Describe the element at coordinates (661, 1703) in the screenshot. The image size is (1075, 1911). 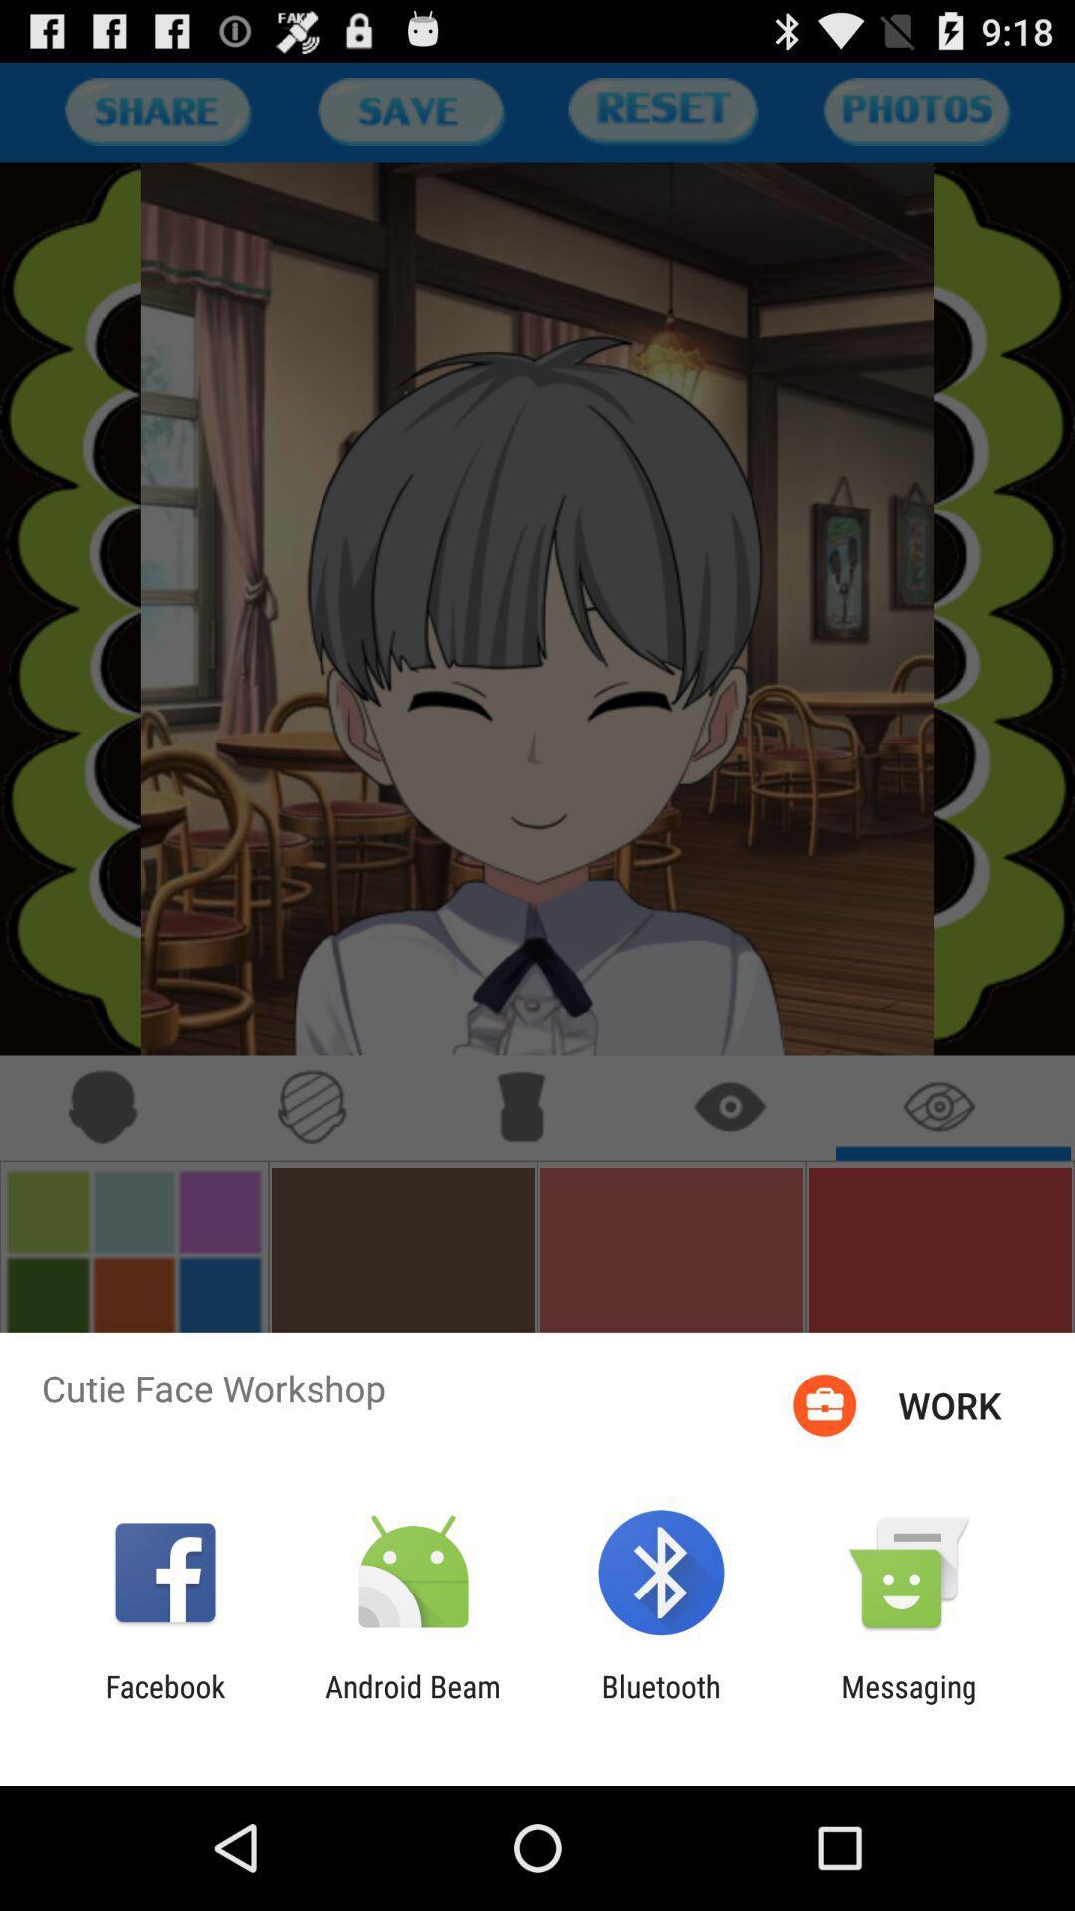
I see `bluetooth` at that location.